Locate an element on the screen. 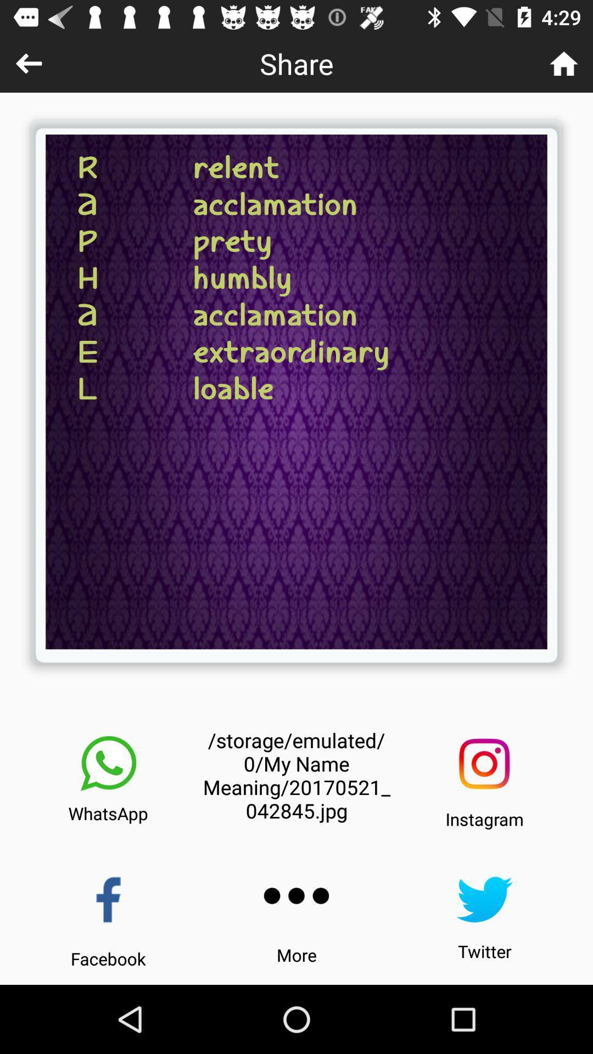 The height and width of the screenshot is (1054, 593). the photo icon is located at coordinates (484, 763).